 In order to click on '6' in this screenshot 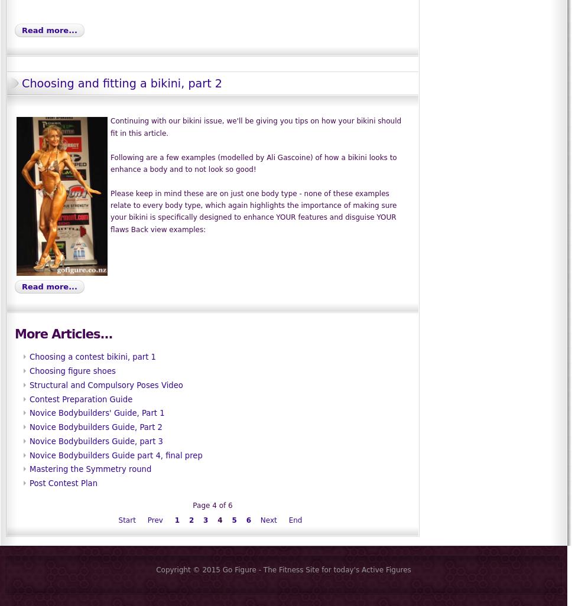, I will do `click(248, 520)`.